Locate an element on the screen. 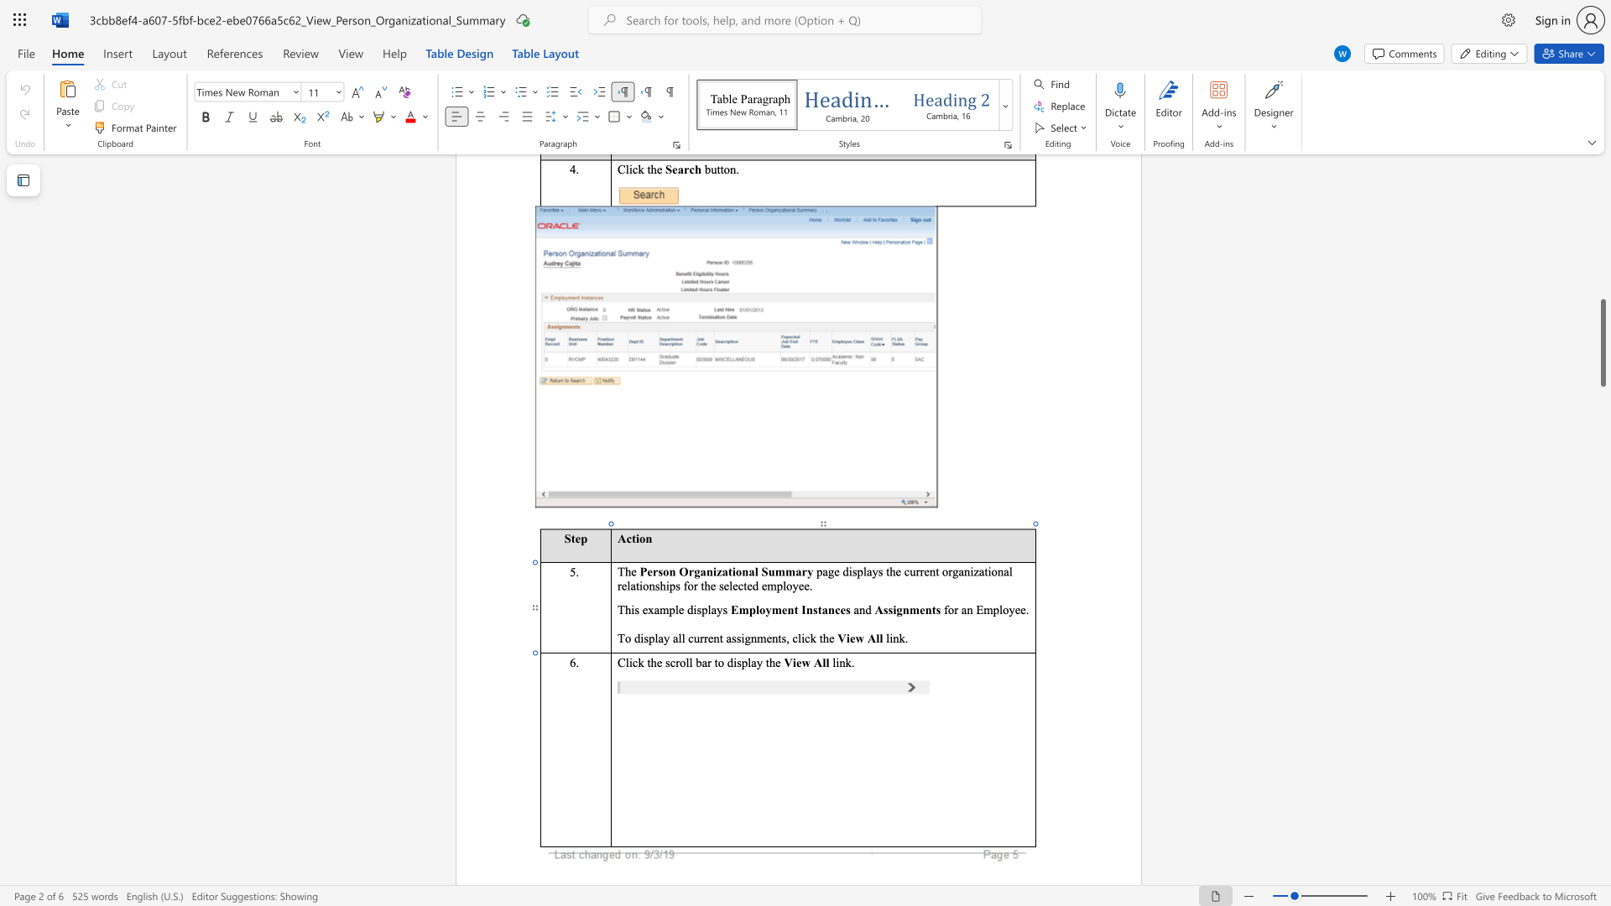 This screenshot has height=906, width=1611. the space between the continuous character "d" and "i" in the text is located at coordinates (733, 661).